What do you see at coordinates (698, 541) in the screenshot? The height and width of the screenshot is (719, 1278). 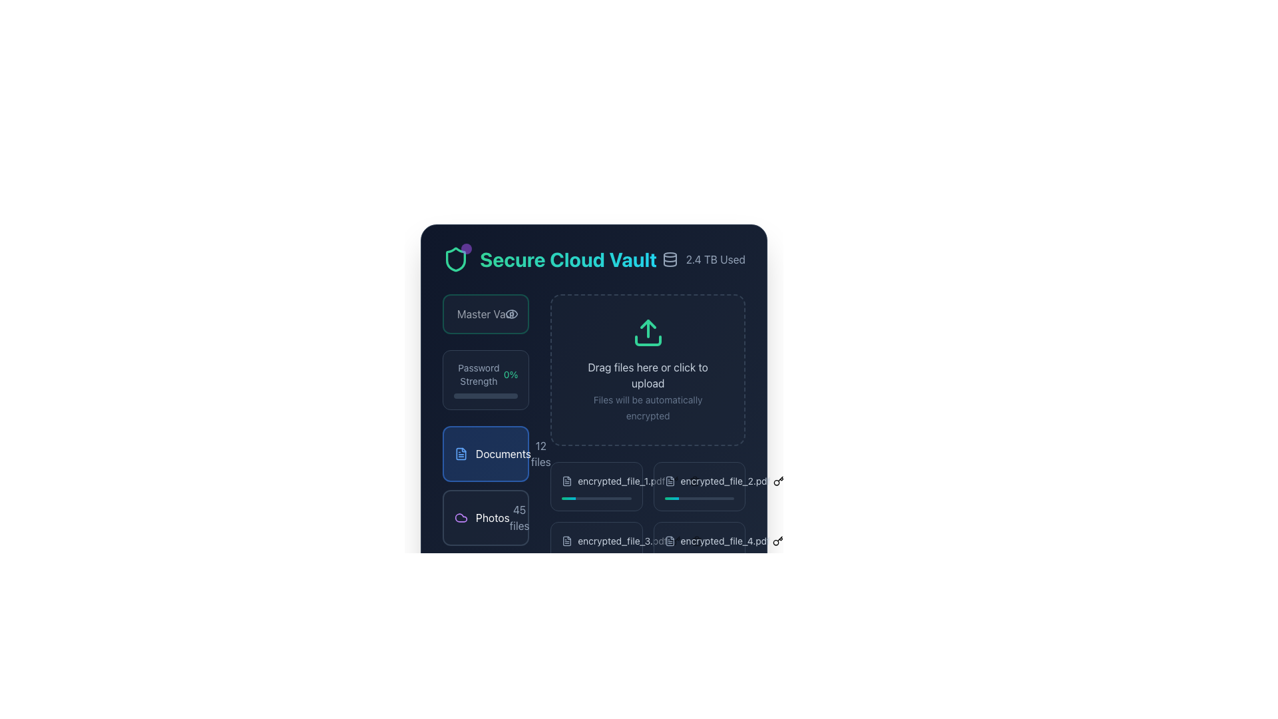 I see `the 'encrypted_file_4.pdf' file list entry` at bounding box center [698, 541].